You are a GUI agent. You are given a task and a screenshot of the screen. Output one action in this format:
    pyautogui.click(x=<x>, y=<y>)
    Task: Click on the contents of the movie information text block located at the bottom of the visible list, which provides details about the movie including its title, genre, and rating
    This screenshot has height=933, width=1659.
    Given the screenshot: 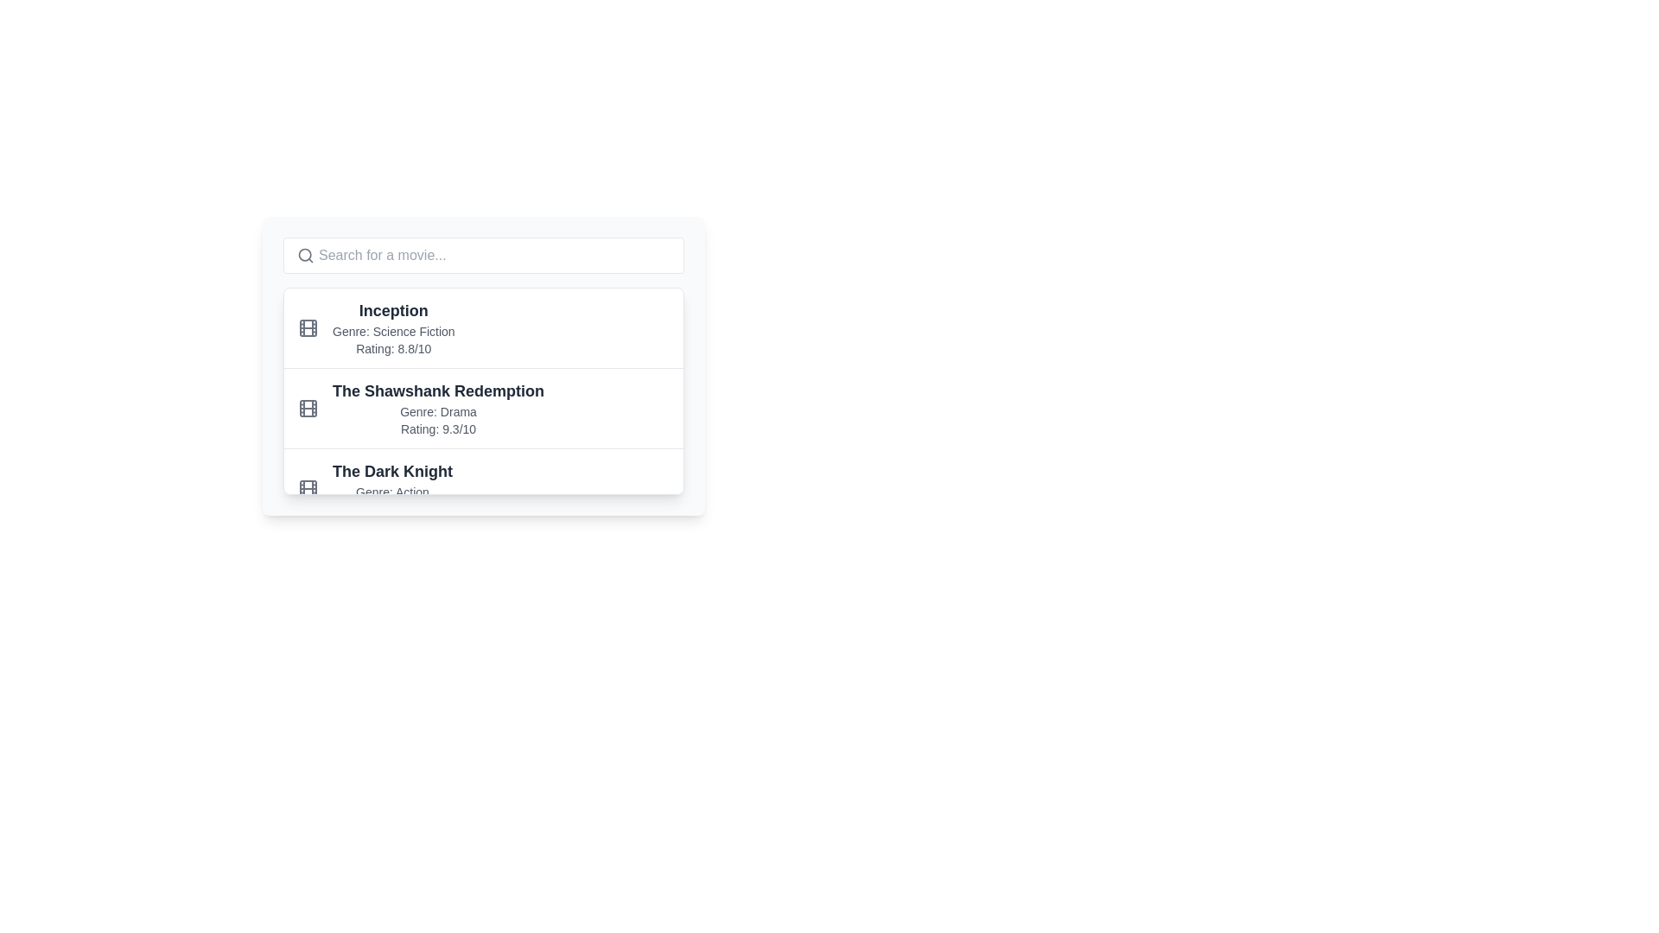 What is the action you would take?
    pyautogui.click(x=391, y=489)
    